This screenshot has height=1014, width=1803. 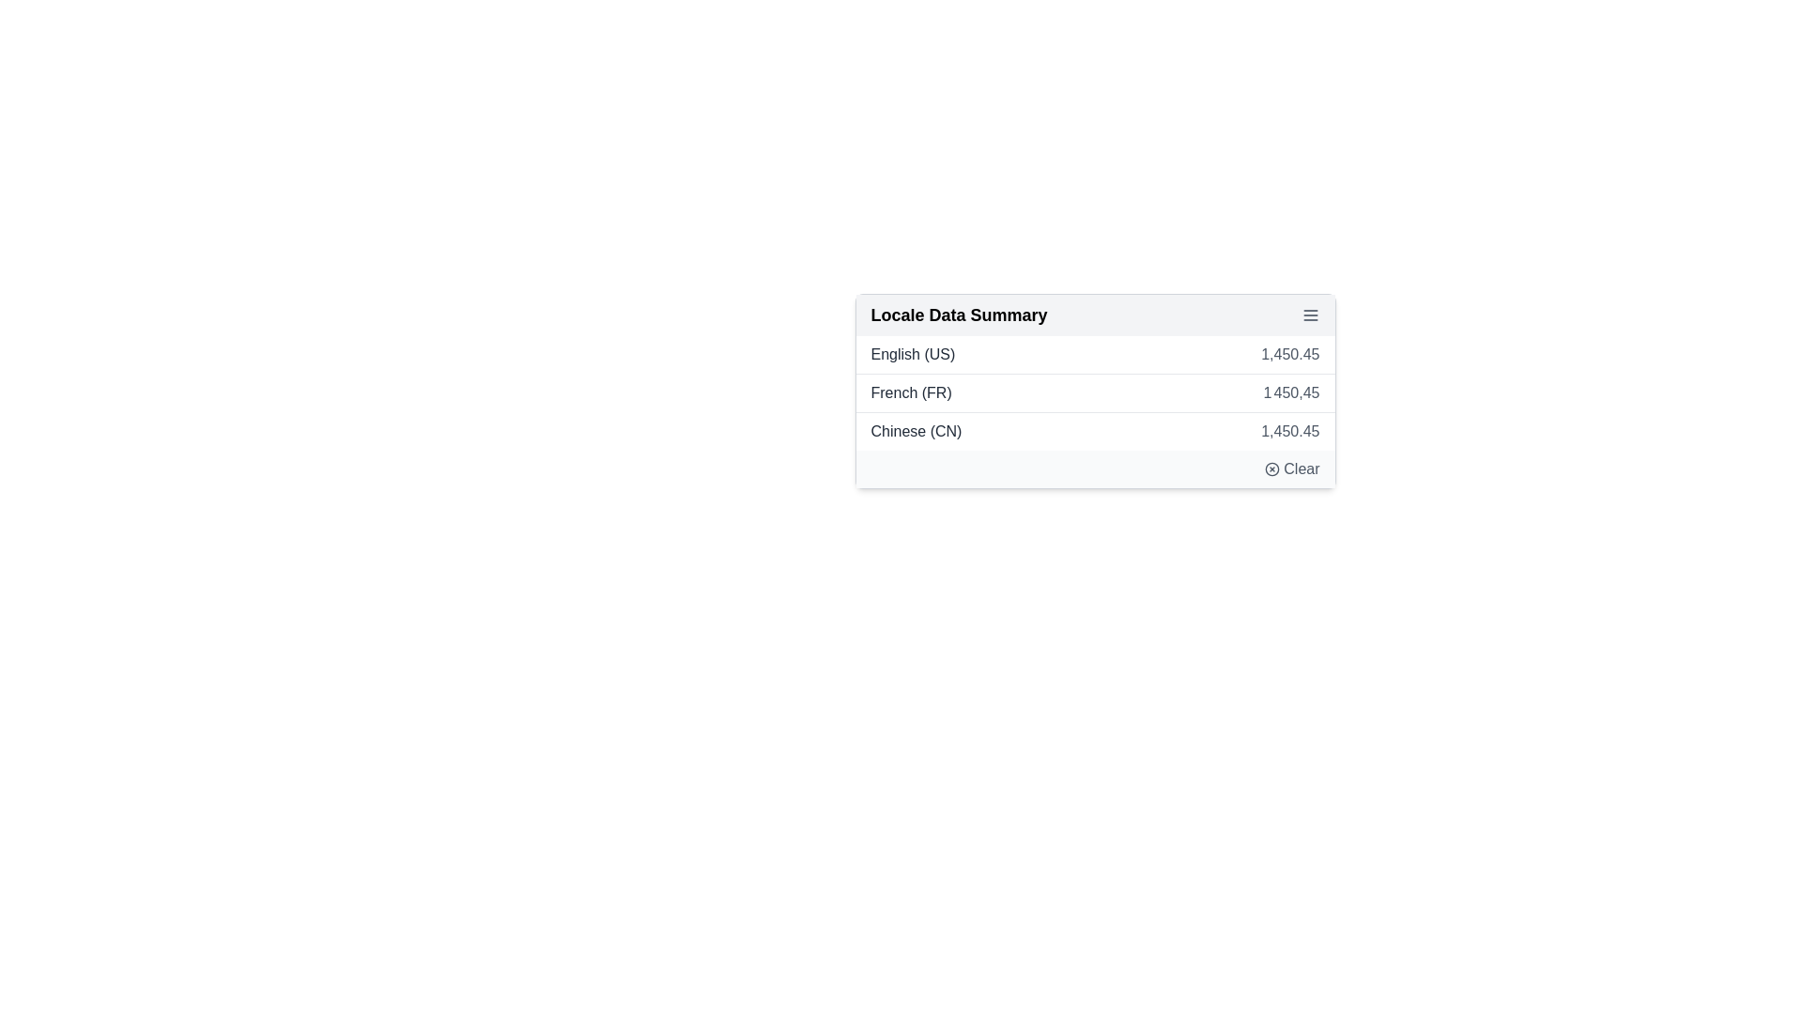 What do you see at coordinates (1289, 355) in the screenshot?
I see `the text display element in the second column of the top row, which shows a numerical value associated with the 'English (US)' label` at bounding box center [1289, 355].